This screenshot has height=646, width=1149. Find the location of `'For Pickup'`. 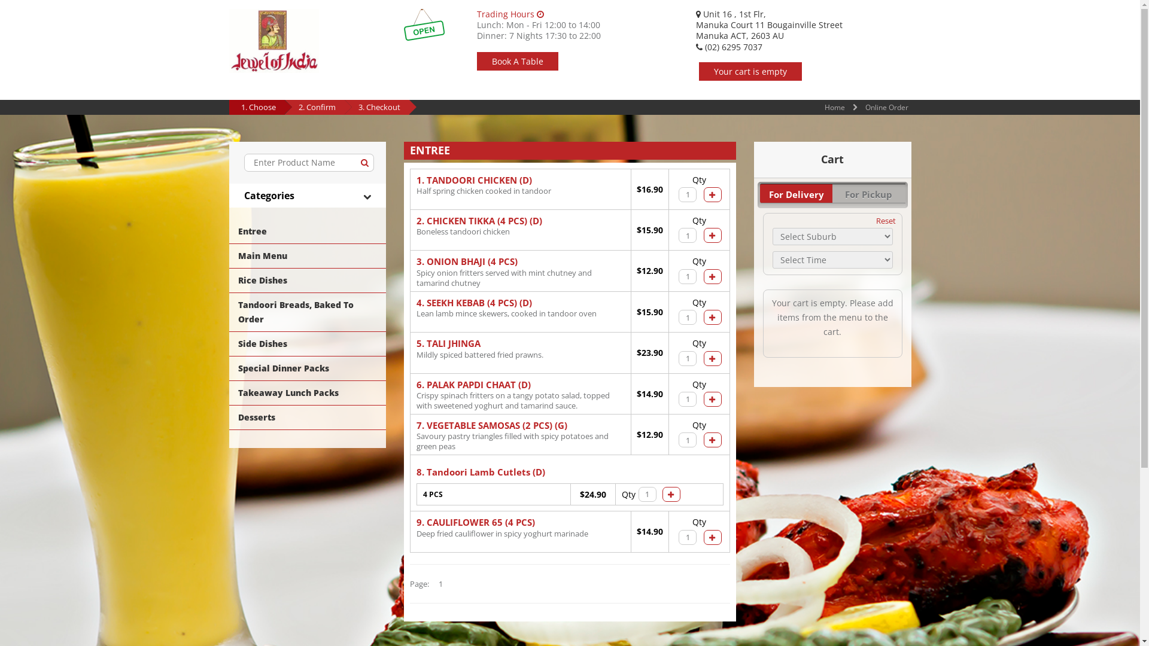

'For Pickup' is located at coordinates (868, 193).